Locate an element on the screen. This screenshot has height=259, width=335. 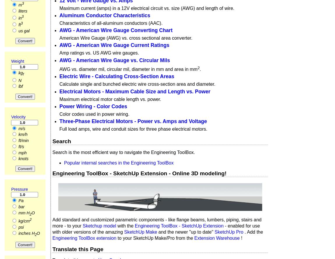
'N' is located at coordinates (19, 80).